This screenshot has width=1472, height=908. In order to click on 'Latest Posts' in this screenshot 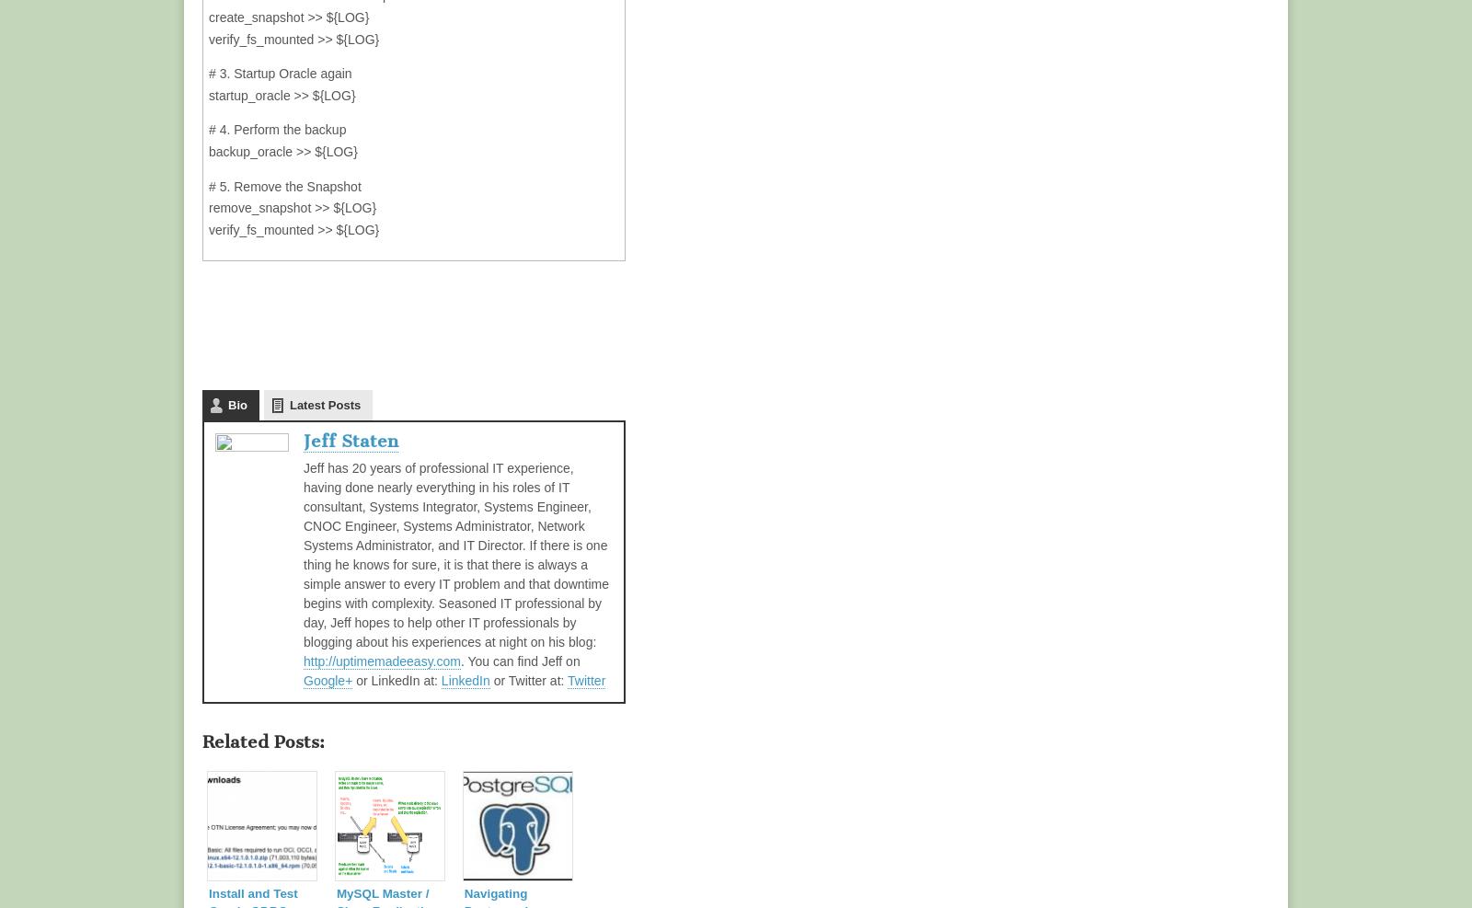, I will do `click(289, 404)`.